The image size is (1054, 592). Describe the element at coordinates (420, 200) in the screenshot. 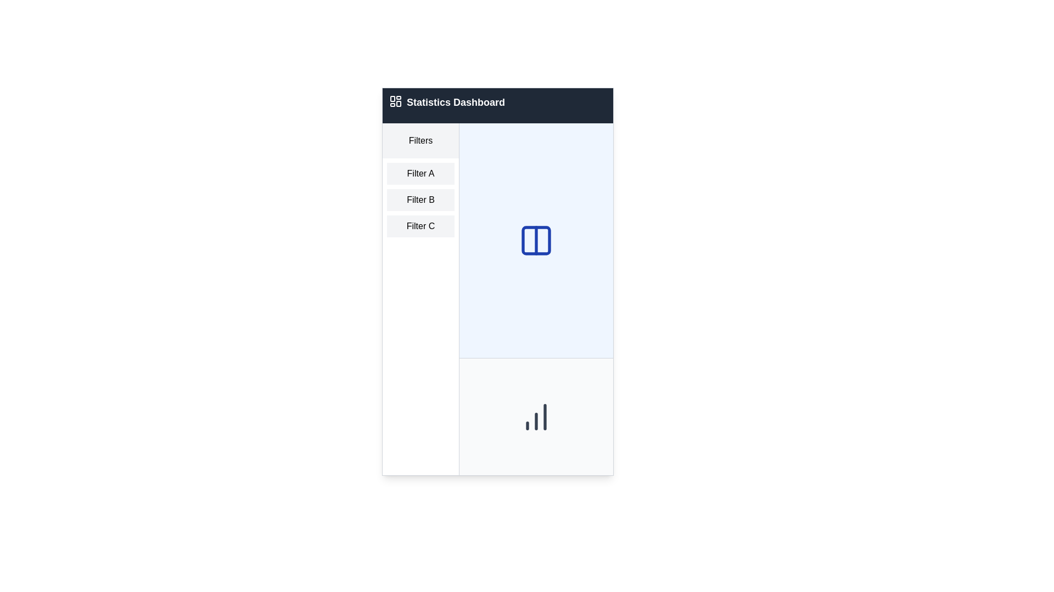

I see `the 'Filter B' button, which is the second button in the vertical list of filter buttons located in the menu panel on the left side of the interface, to apply the filter associated with 'B'` at that location.